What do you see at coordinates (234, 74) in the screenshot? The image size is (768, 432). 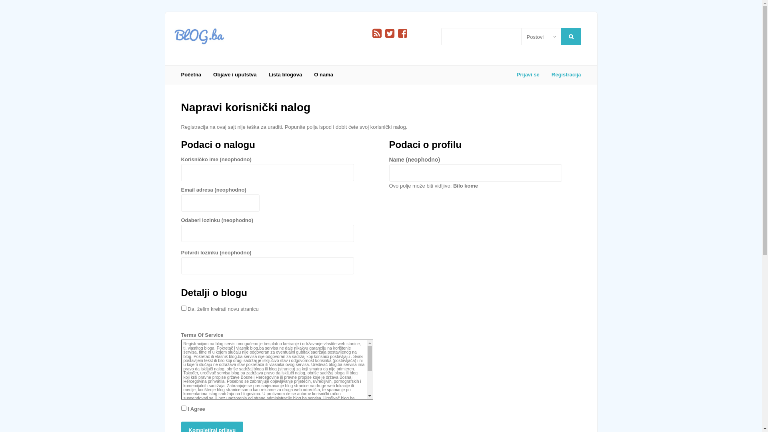 I see `'Objave i uputstva'` at bounding box center [234, 74].